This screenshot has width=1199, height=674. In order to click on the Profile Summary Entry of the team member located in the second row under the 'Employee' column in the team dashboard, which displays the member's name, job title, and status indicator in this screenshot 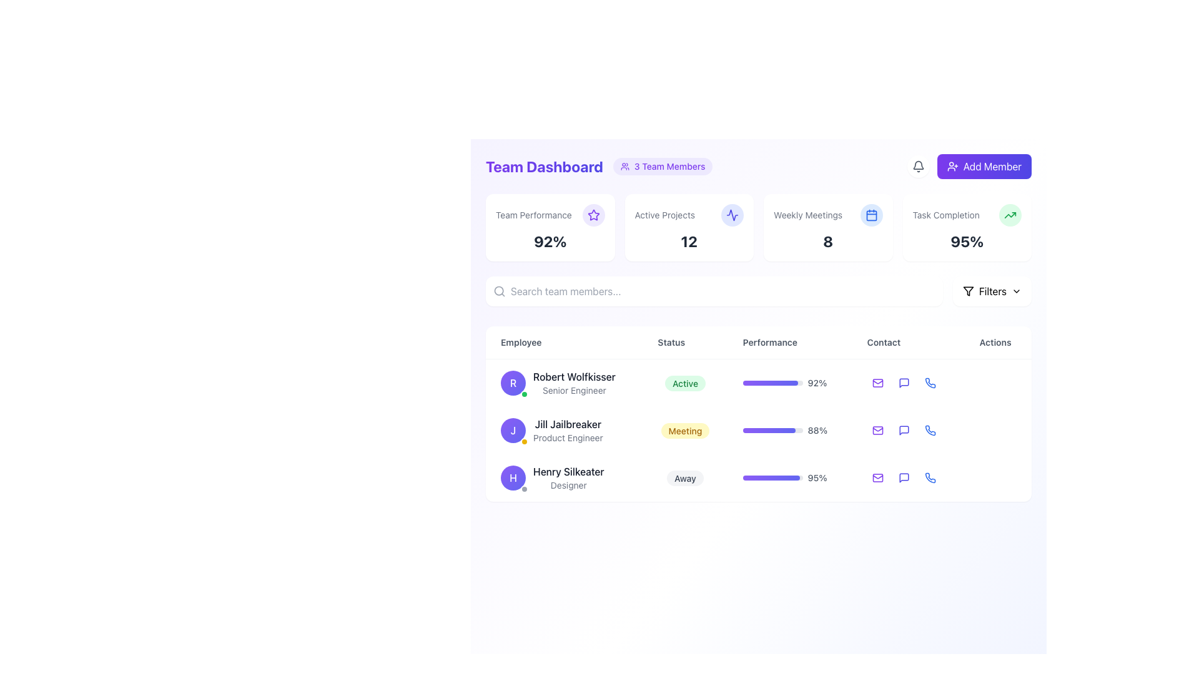, I will do `click(563, 430)`.